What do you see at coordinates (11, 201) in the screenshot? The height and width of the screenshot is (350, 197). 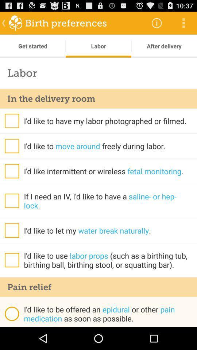 I see `question or help option` at bounding box center [11, 201].